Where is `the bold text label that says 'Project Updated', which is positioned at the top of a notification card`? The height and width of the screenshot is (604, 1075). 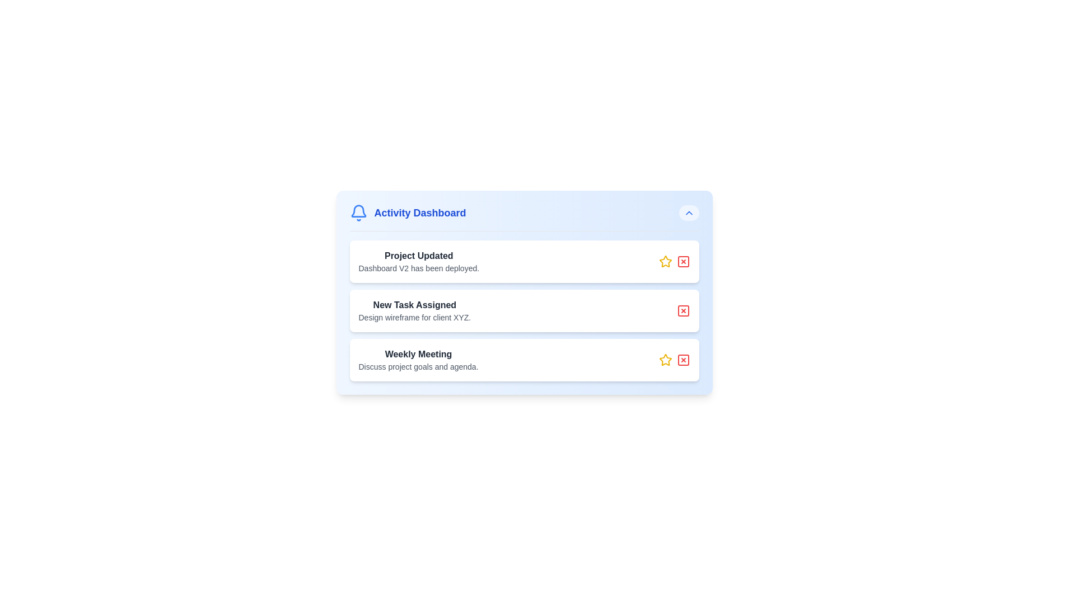 the bold text label that says 'Project Updated', which is positioned at the top of a notification card is located at coordinates (418, 256).